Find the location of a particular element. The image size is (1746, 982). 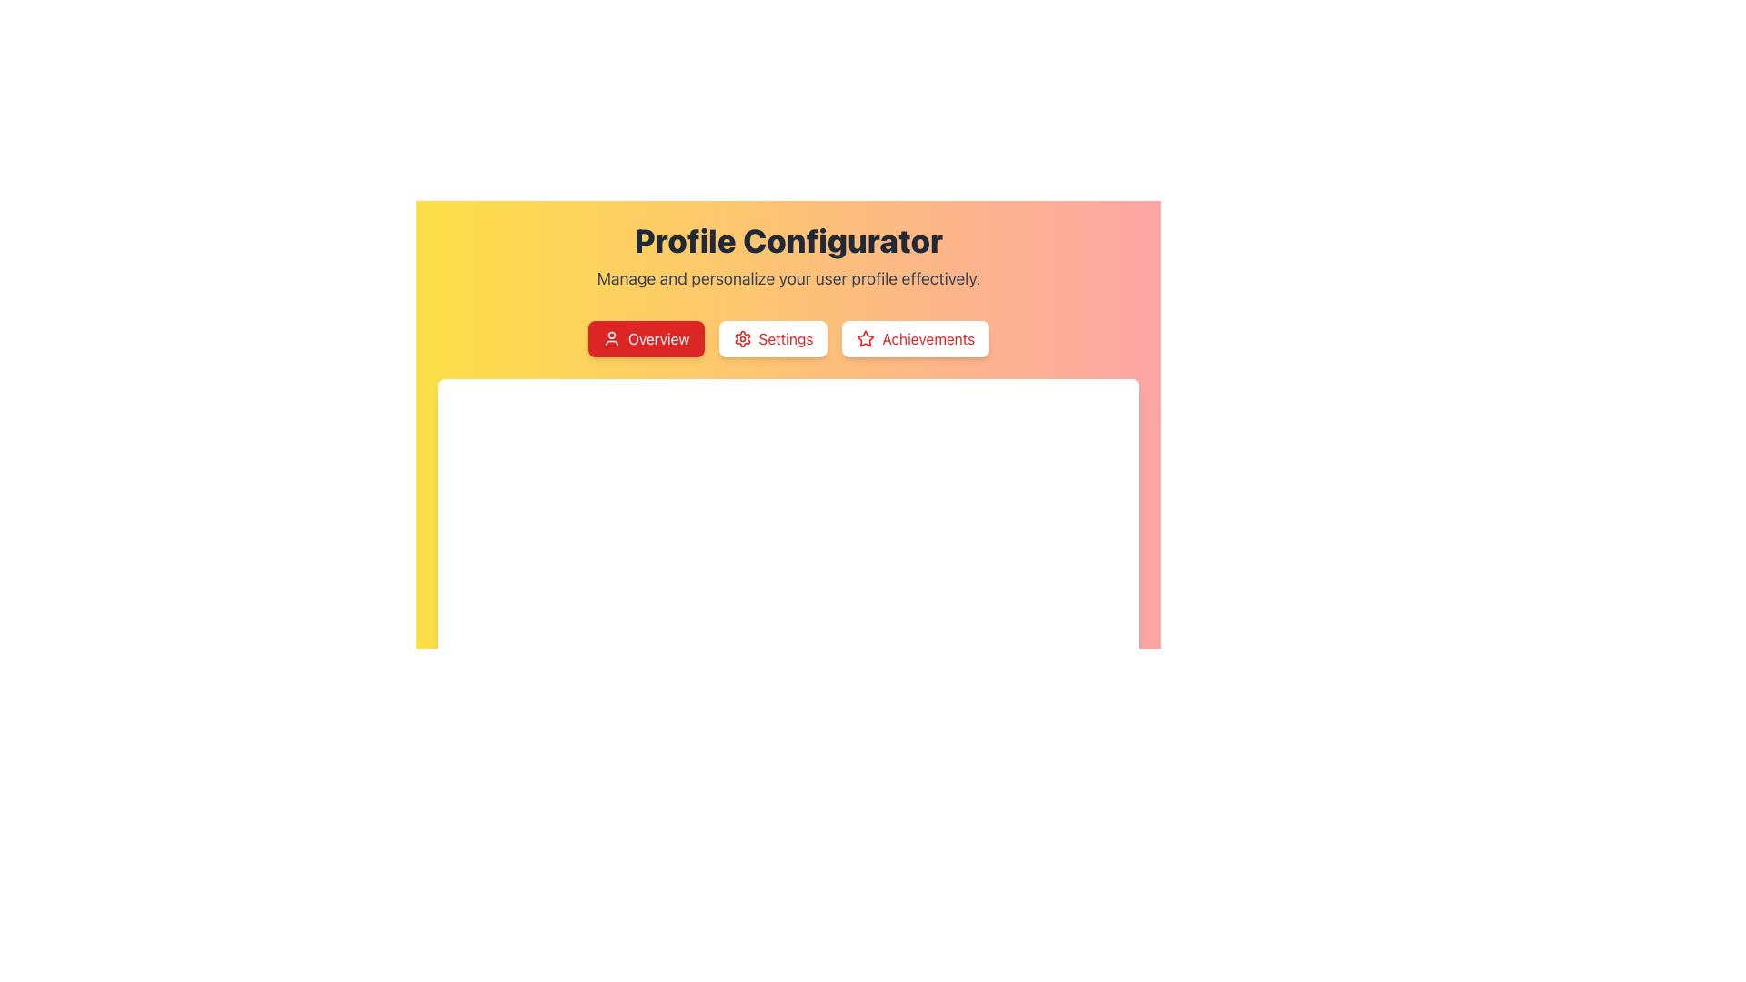

the star icon outlined with a bold red stroke, located to the left of the 'Achievements' button in the 'Profile Configurator' section is located at coordinates (865, 339).